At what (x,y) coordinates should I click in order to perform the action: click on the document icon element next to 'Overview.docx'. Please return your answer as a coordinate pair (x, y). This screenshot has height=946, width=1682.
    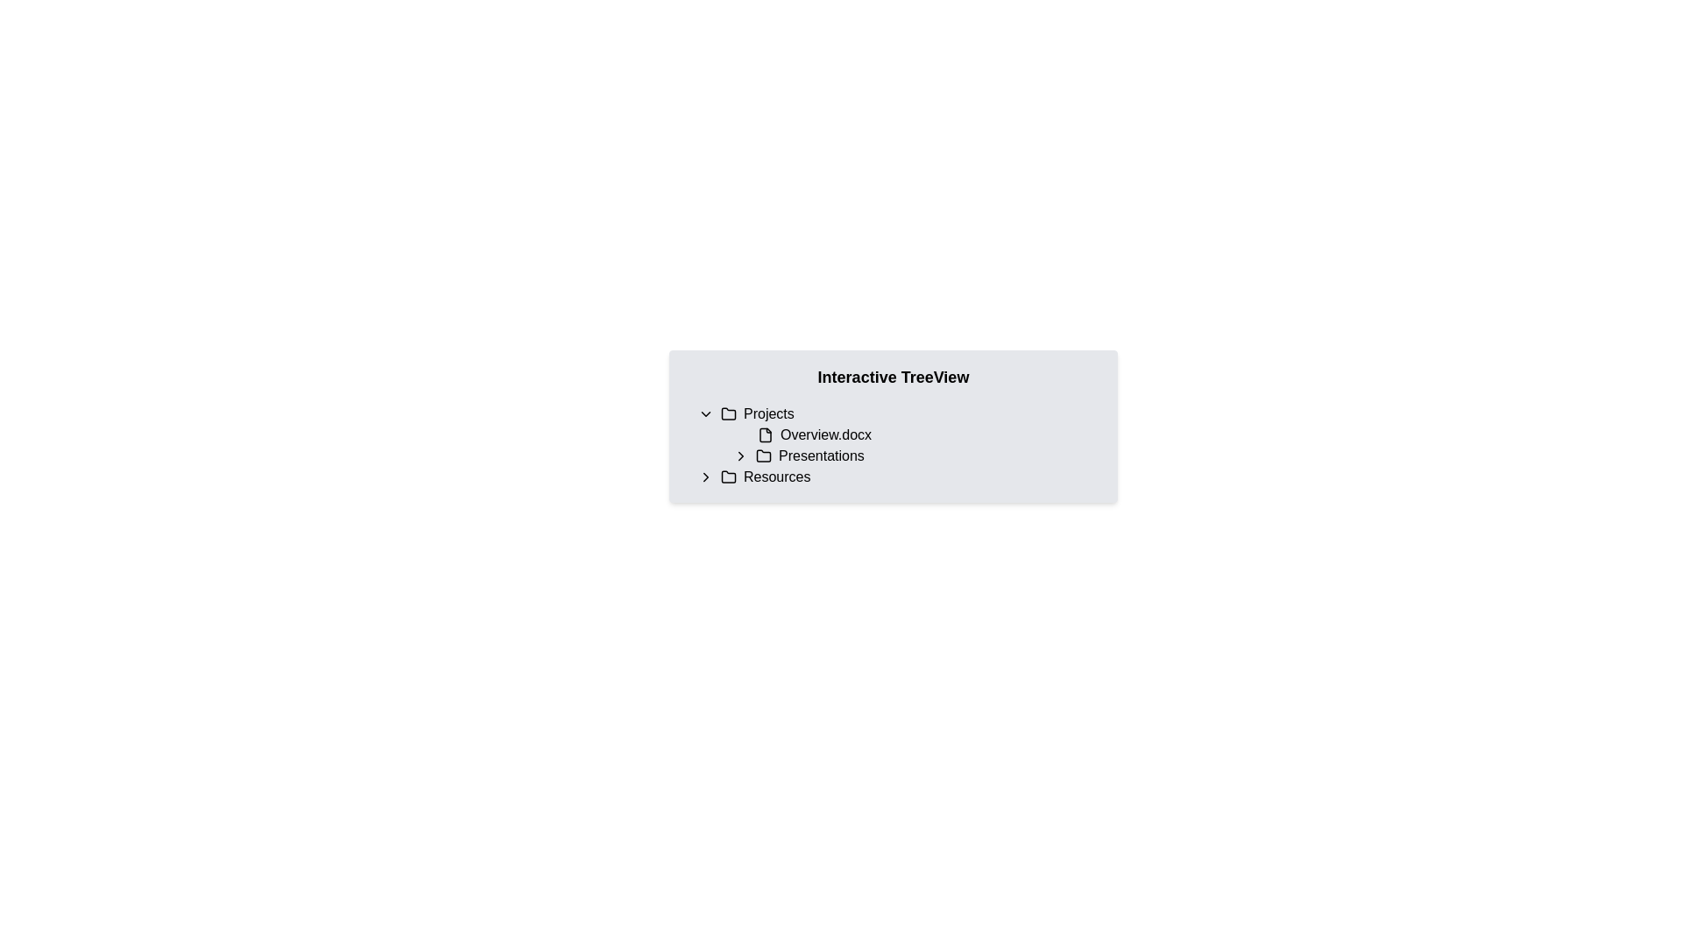
    Looking at the image, I should click on (765, 434).